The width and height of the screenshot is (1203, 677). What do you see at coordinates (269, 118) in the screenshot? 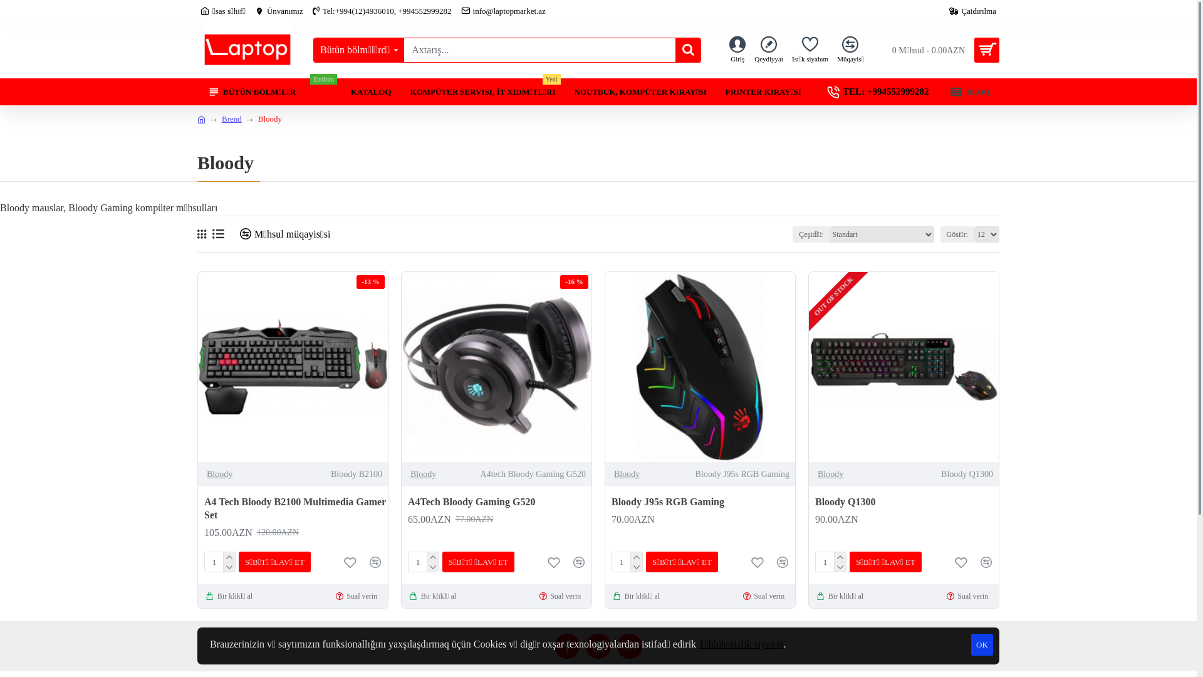
I see `'Bloody'` at bounding box center [269, 118].